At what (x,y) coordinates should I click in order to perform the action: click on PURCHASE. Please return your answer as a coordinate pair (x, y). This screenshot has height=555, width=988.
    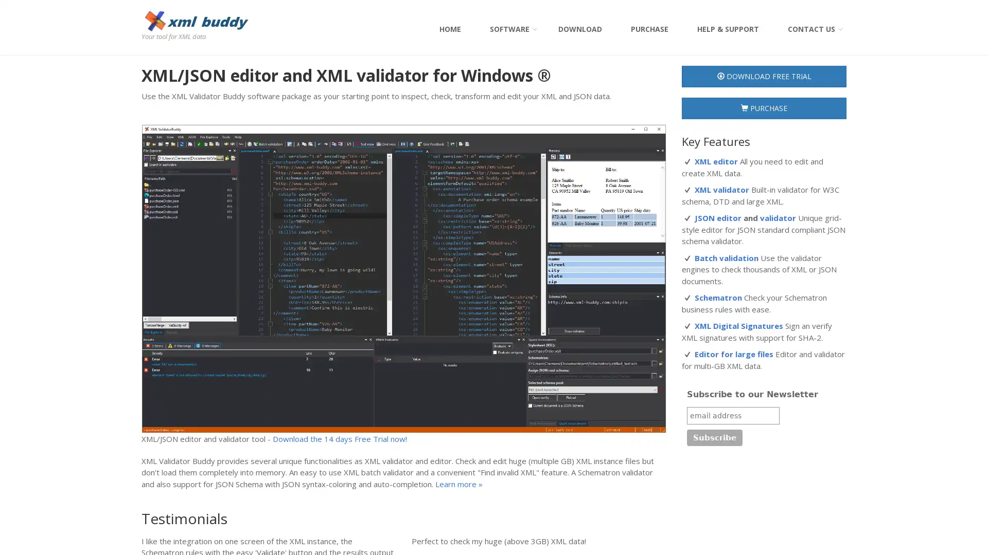
    Looking at the image, I should click on (764, 108).